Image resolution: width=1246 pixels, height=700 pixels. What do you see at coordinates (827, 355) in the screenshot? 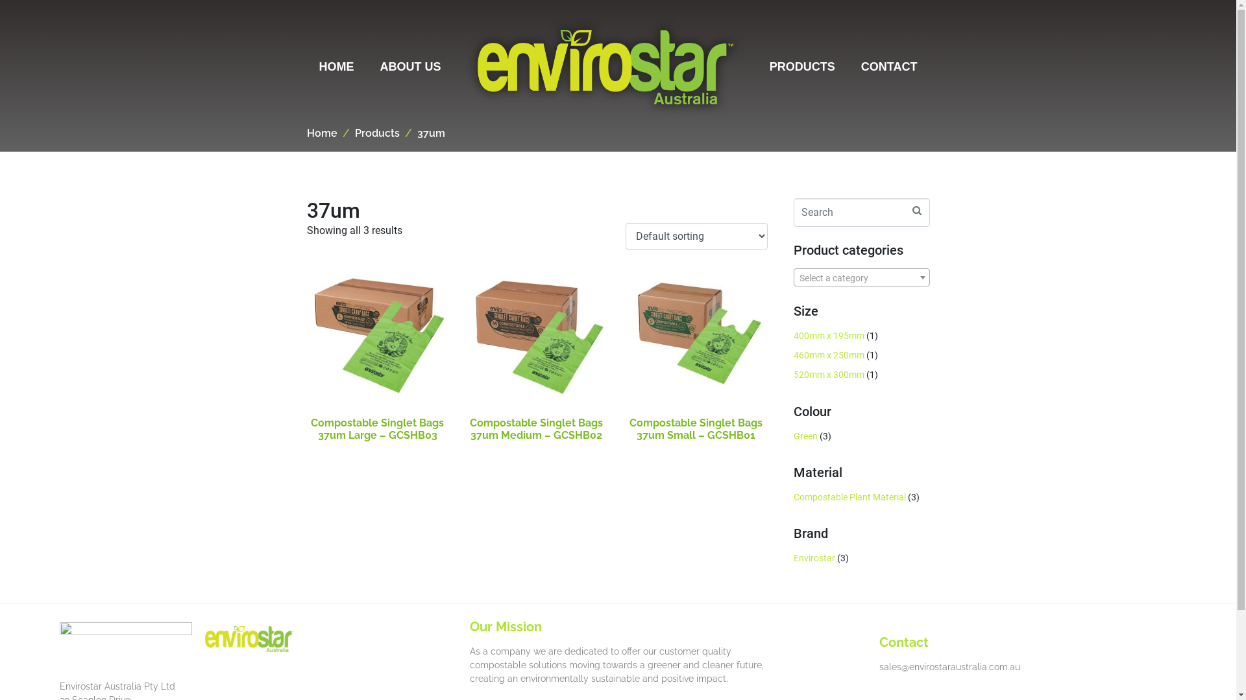
I see `'460mm x 250mm'` at bounding box center [827, 355].